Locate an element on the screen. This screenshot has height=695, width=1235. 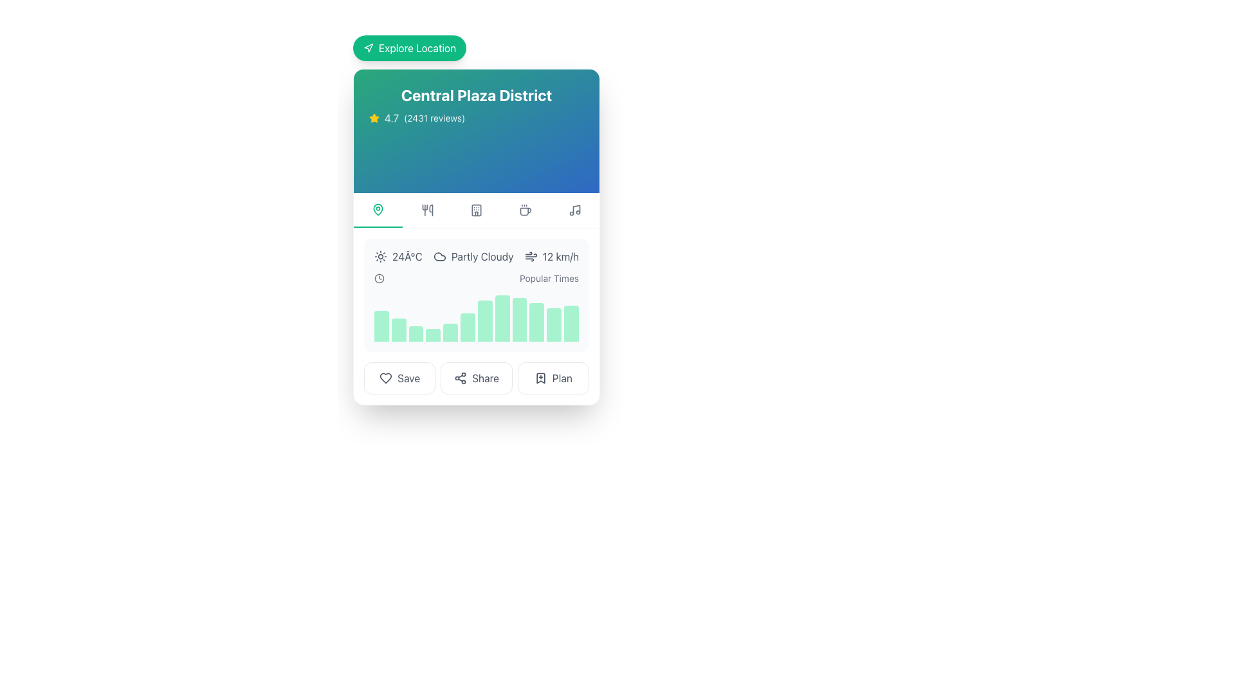
value of the third bar in the 'Popular Times' graph, which is an emerald green colored bar with a rounded top is located at coordinates (416, 333).